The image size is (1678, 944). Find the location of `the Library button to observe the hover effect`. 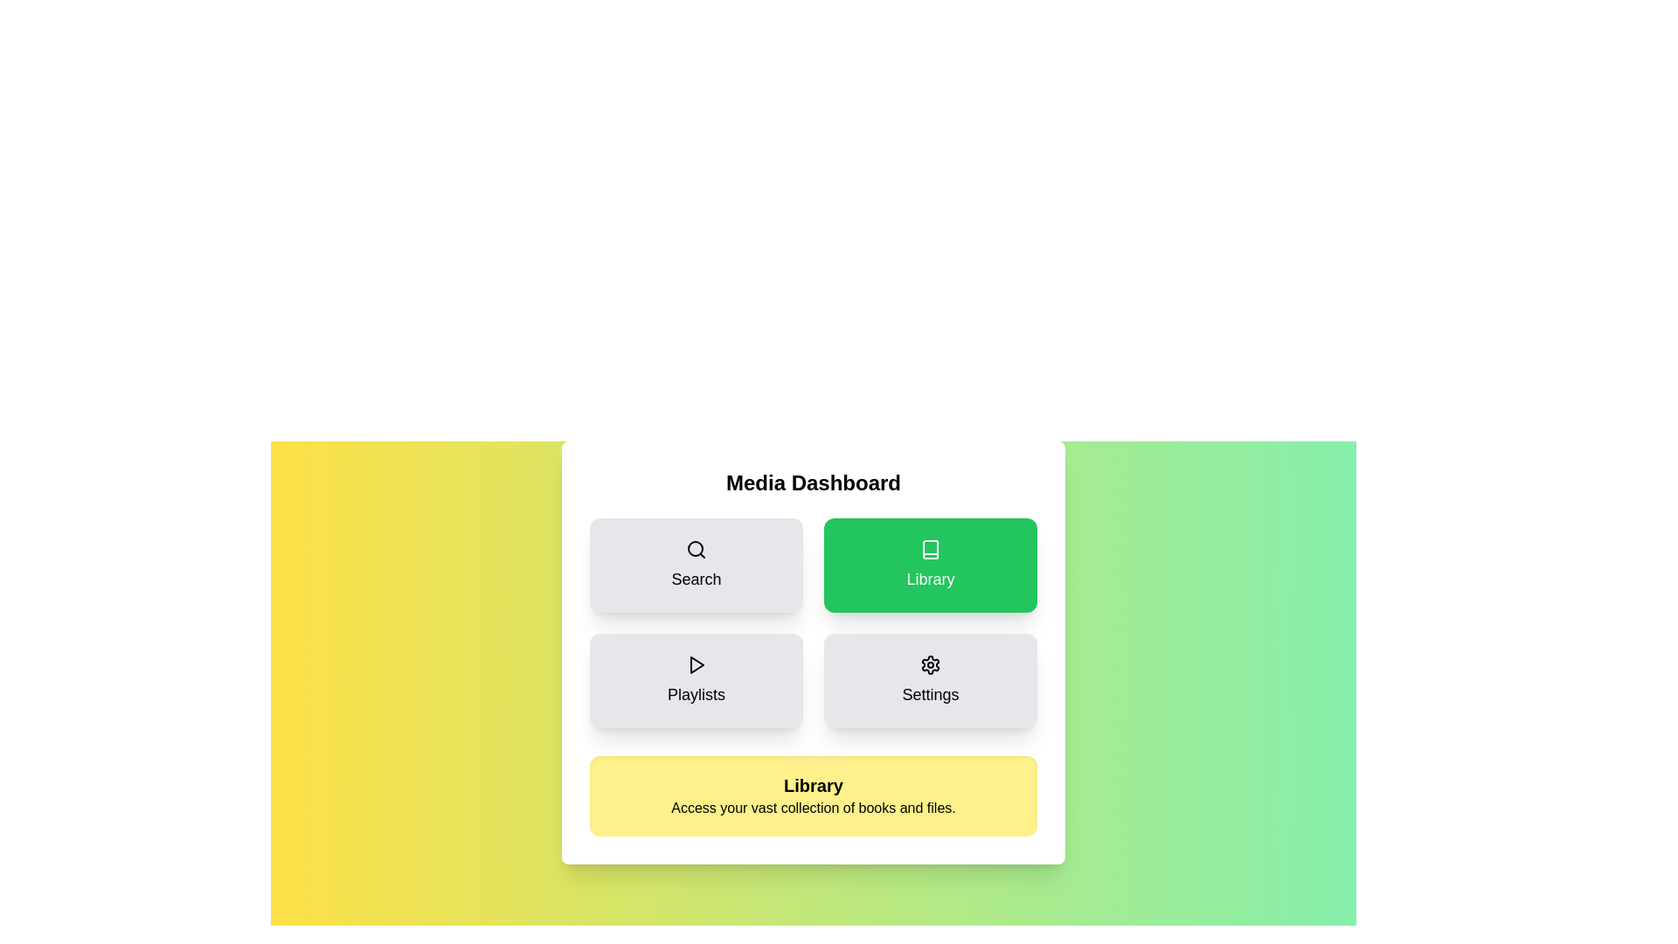

the Library button to observe the hover effect is located at coordinates (930, 566).